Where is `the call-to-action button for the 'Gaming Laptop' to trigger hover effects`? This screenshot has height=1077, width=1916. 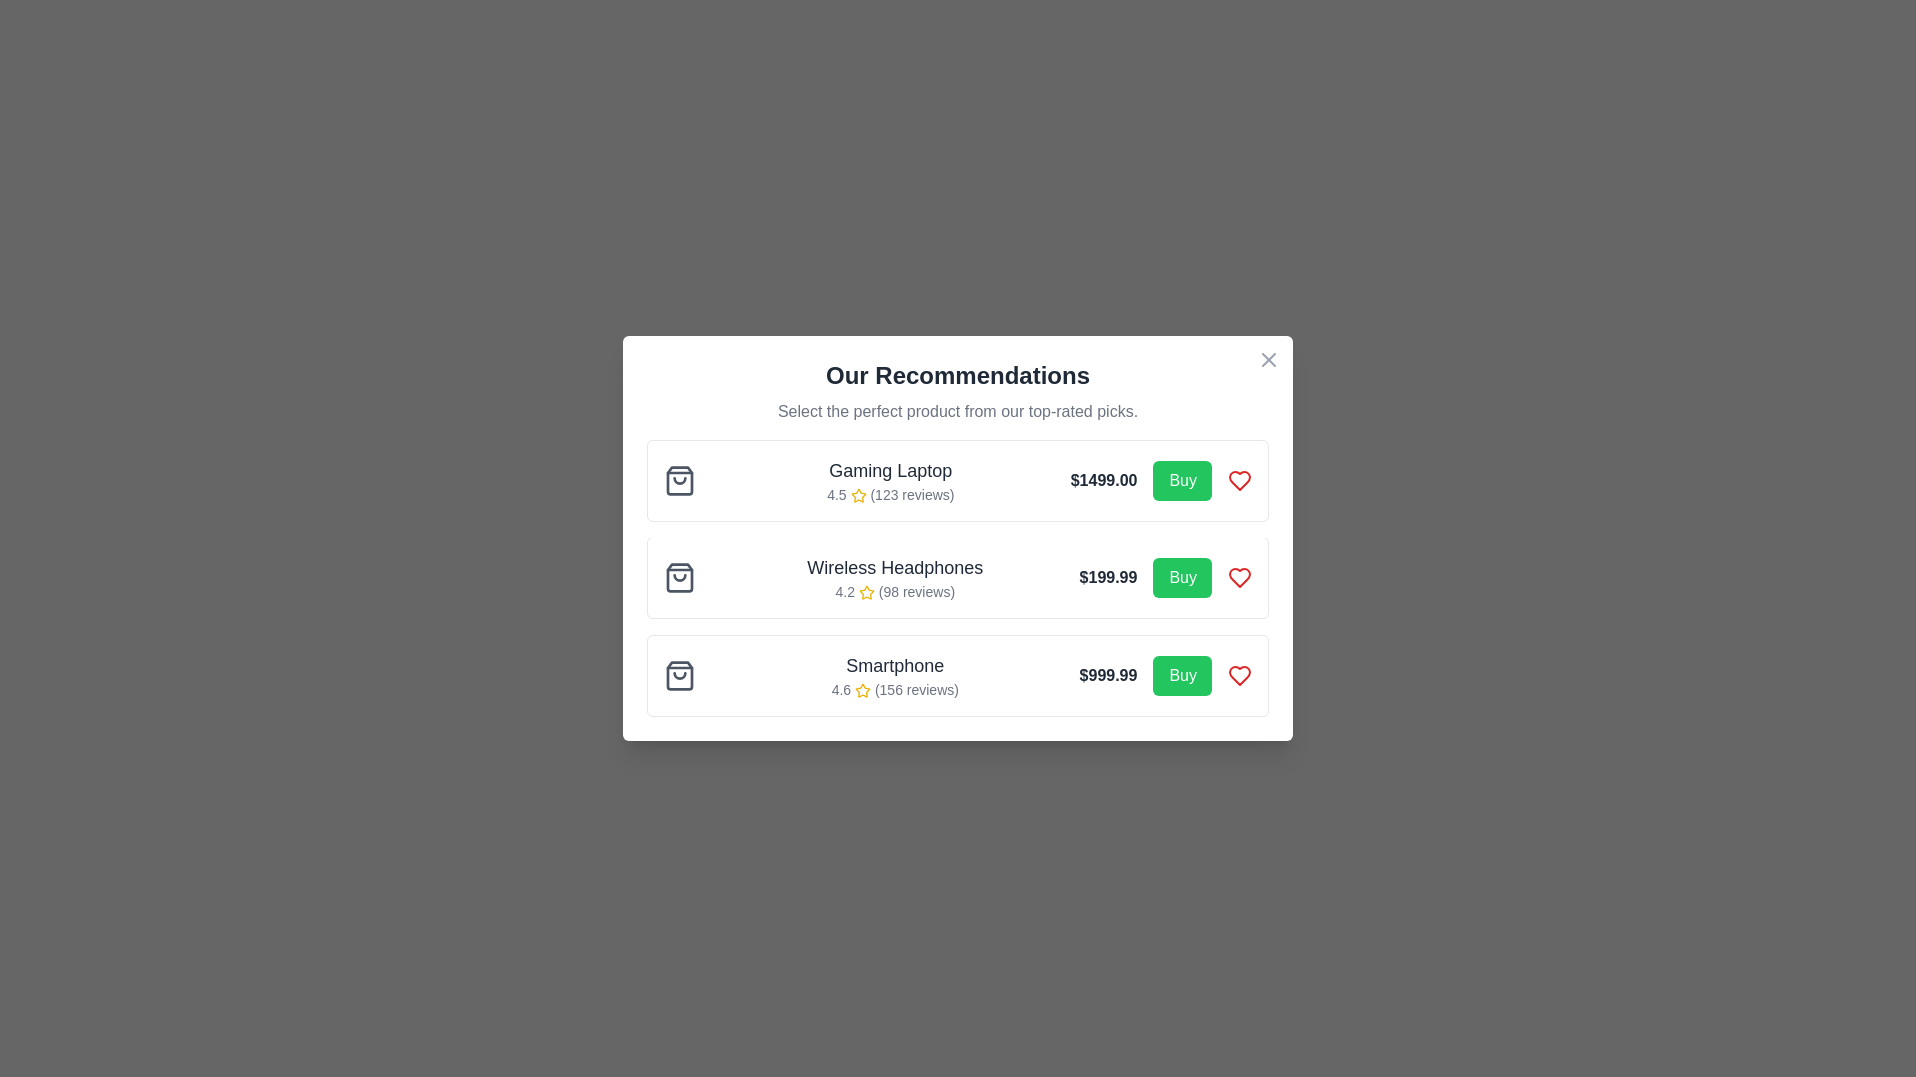 the call-to-action button for the 'Gaming Laptop' to trigger hover effects is located at coordinates (1183, 481).